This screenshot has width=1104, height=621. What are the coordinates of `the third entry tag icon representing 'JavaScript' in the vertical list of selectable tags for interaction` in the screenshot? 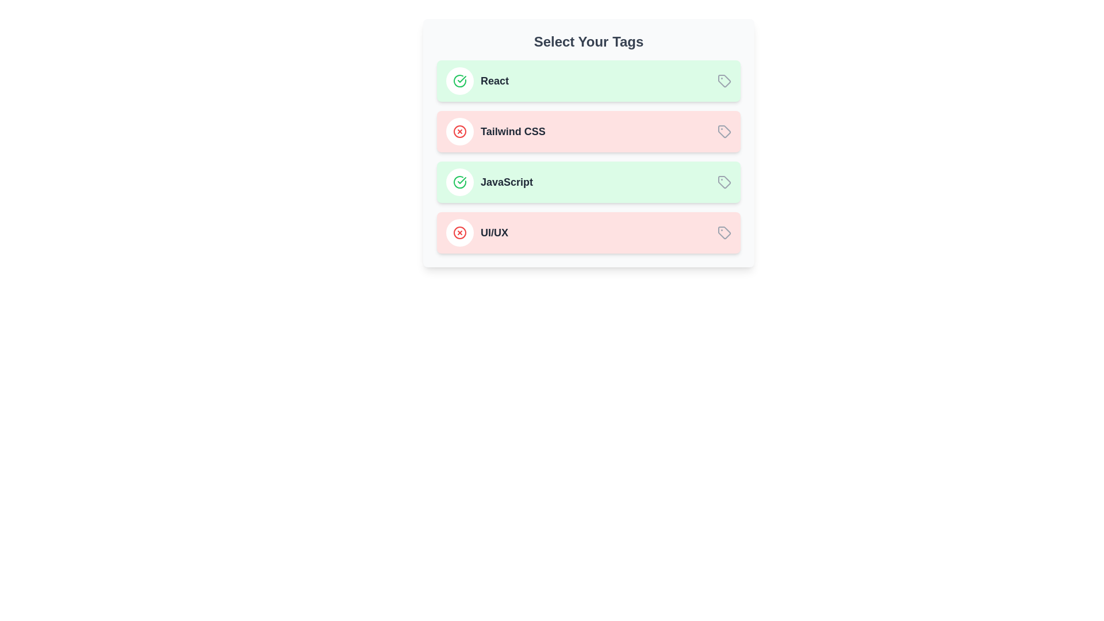 It's located at (723, 181).